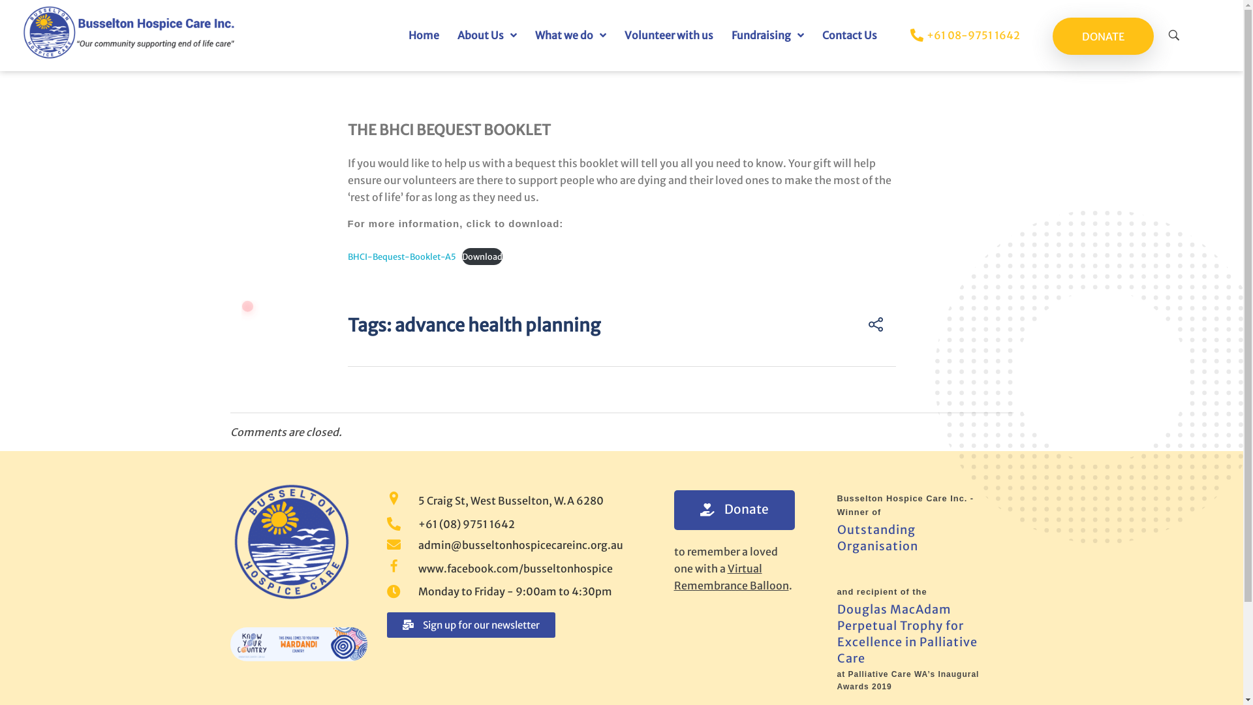 This screenshot has width=1253, height=705. What do you see at coordinates (400, 257) in the screenshot?
I see `'BHCI-Bequest-Booklet-A5'` at bounding box center [400, 257].